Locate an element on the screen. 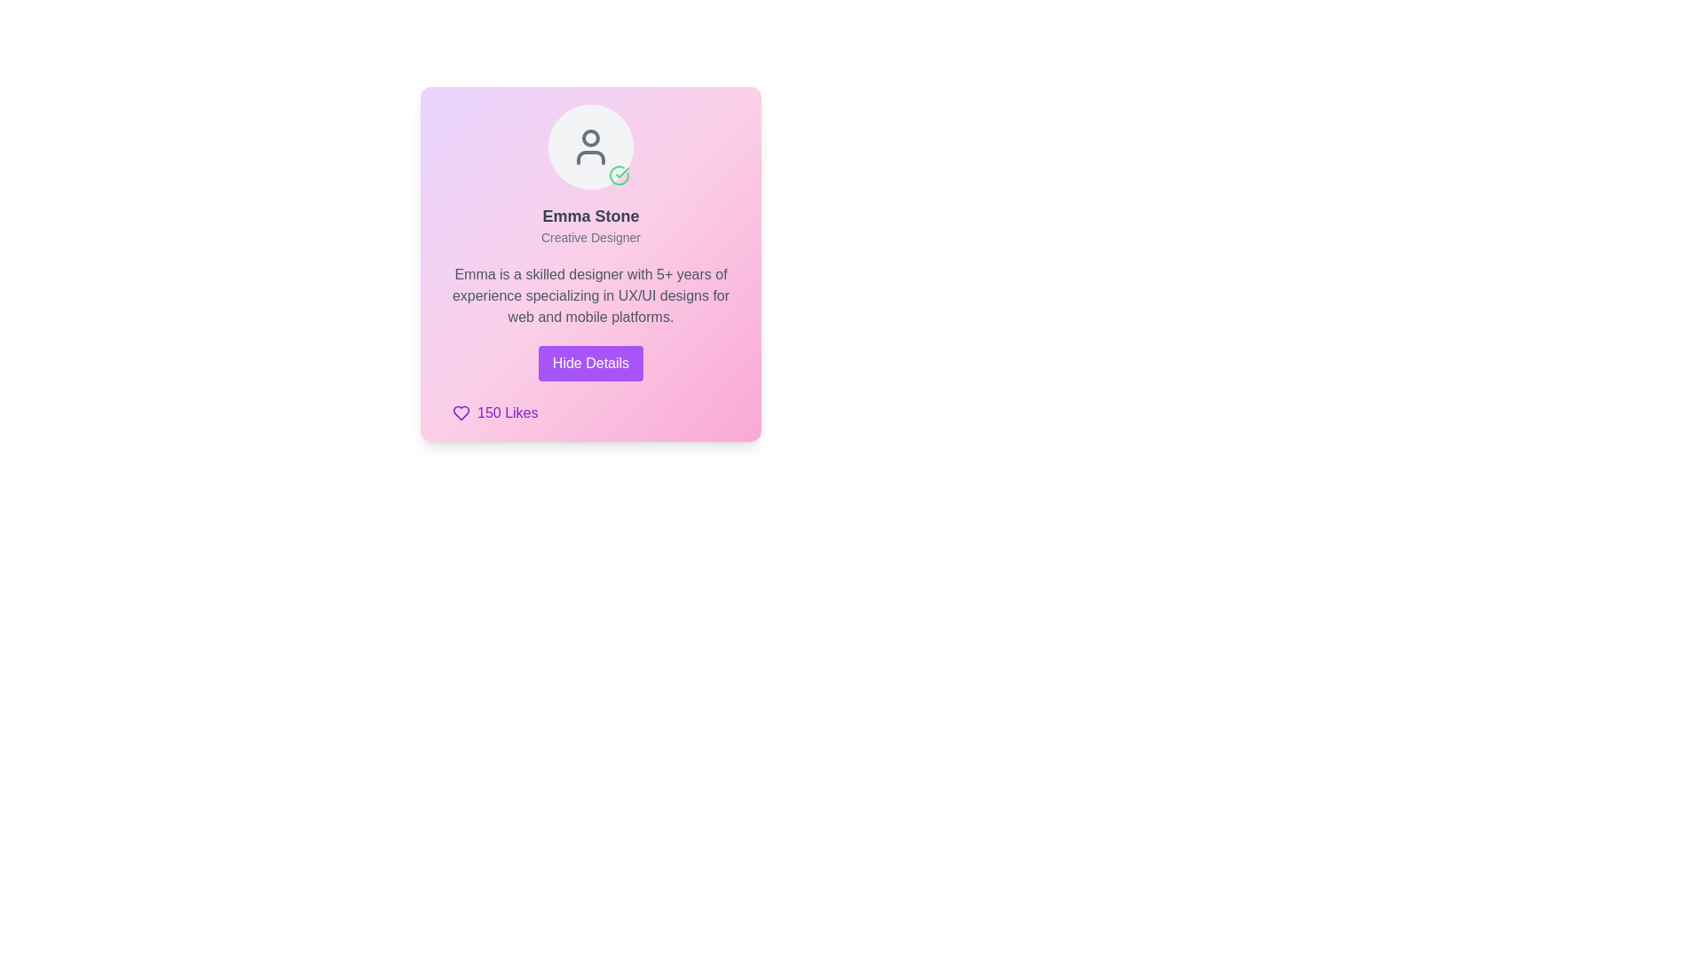 The height and width of the screenshot is (958, 1704). the Vector Icon (Heart Symbol) located at the bottom left of the card, adjacent to the '150 Likes' text is located at coordinates (461, 413).